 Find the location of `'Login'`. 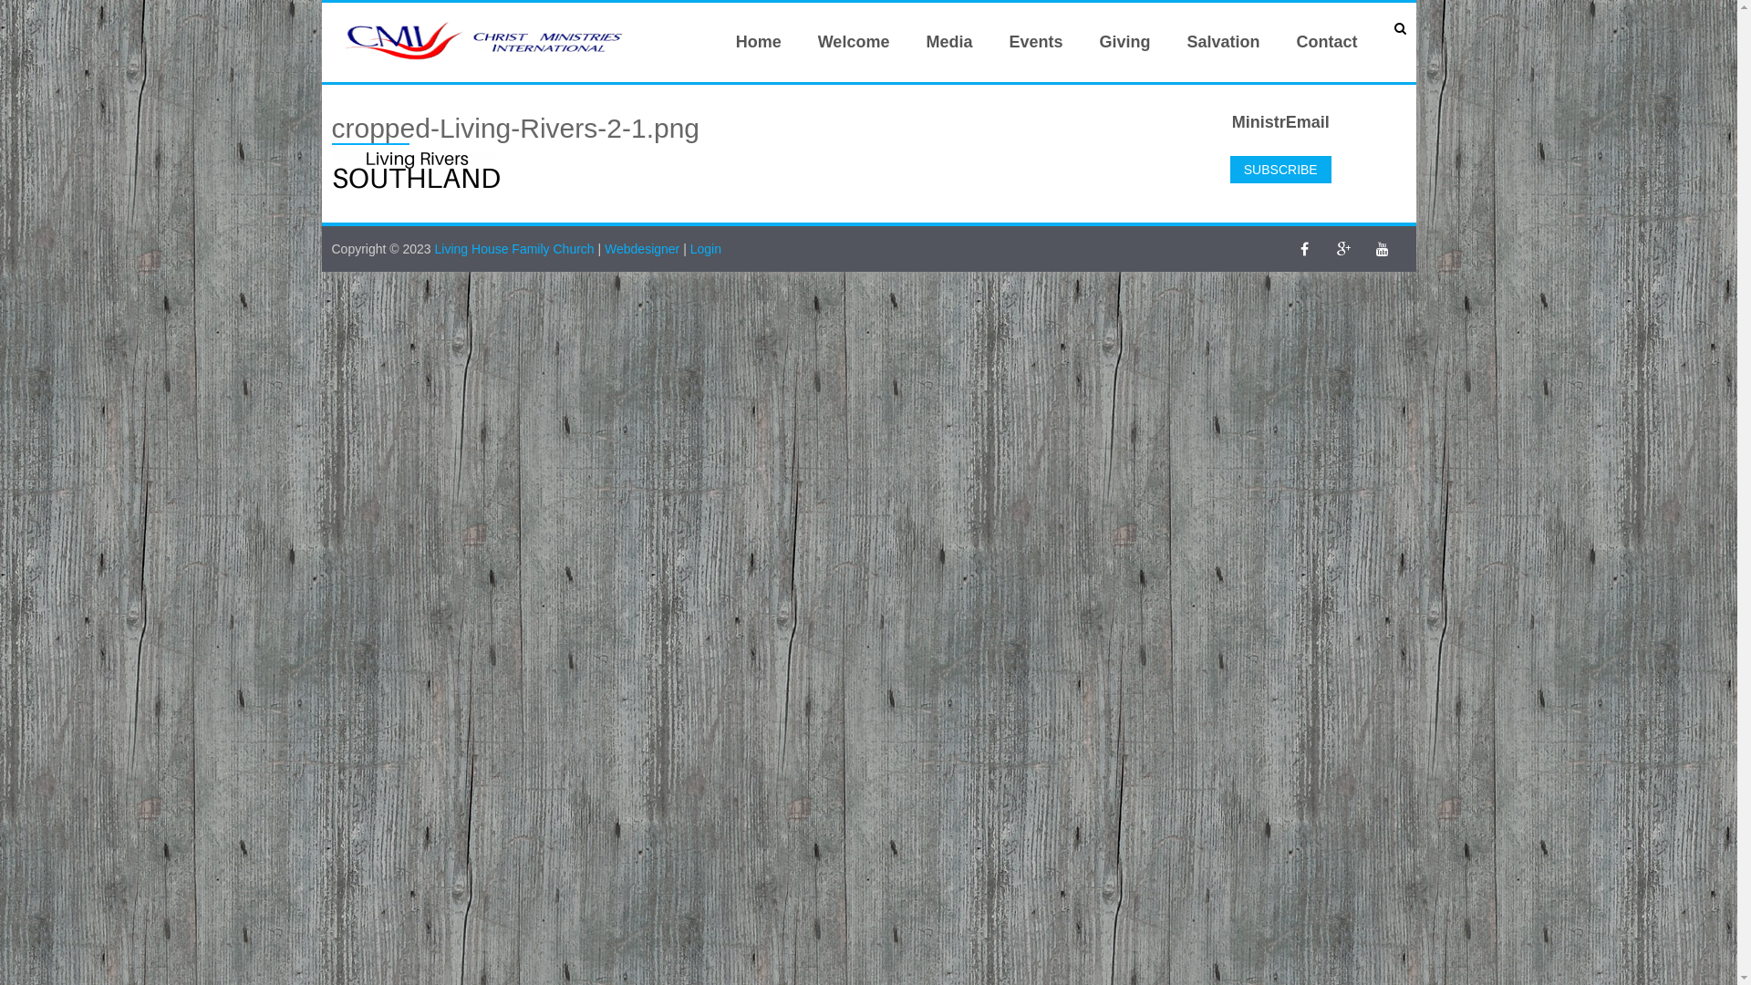

'Login' is located at coordinates (704, 249).